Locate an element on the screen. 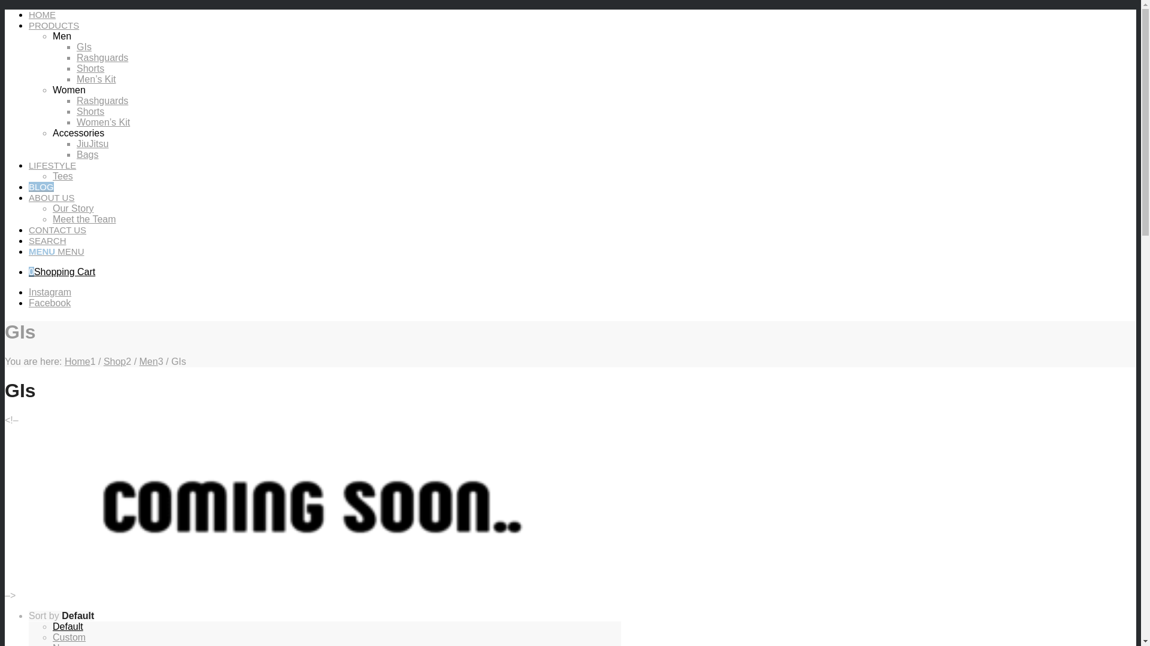 The height and width of the screenshot is (646, 1150). '0Shopping Cart' is located at coordinates (61, 272).